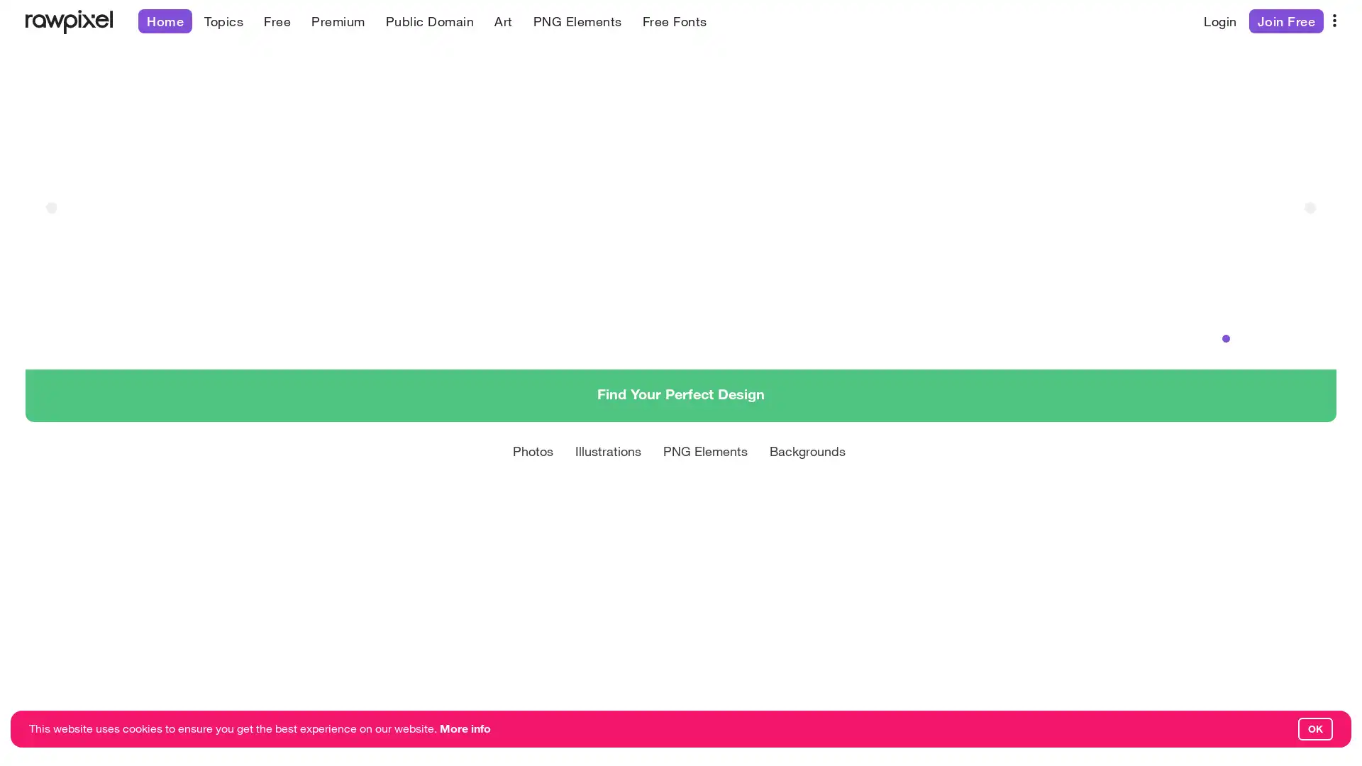  I want to click on Photos, so click(532, 482).